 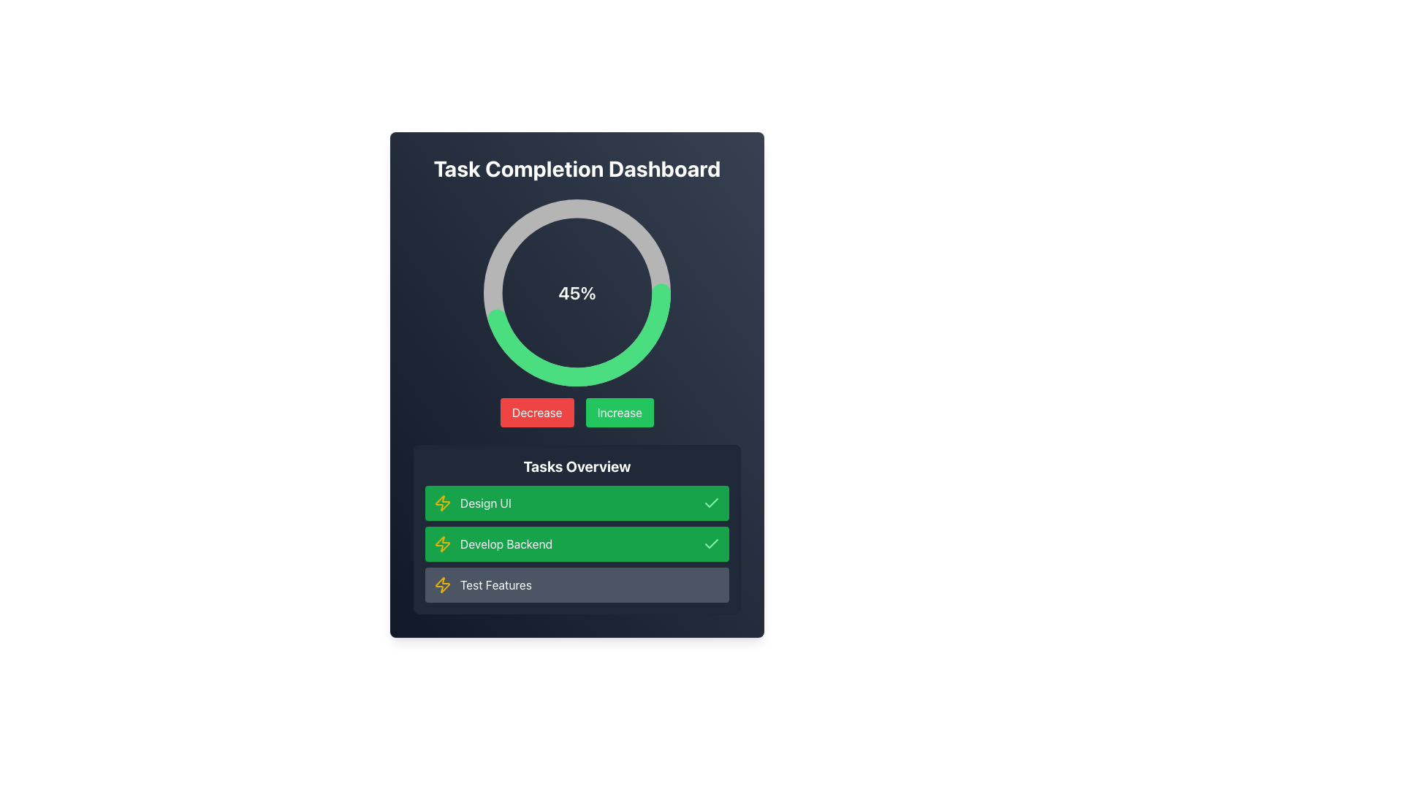 What do you see at coordinates (441, 544) in the screenshot?
I see `the lightning bolt icon that represents a task activity, located to the left of the 'Develop Backend' text in the second row of the task overview section` at bounding box center [441, 544].